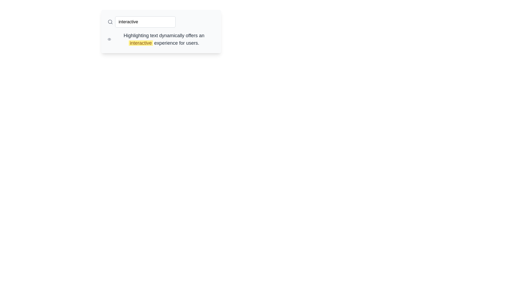  I want to click on the highlighted word 'interactive' within the sentence 'Highlighting text dynamically offers an interactive experience for users.' to select the text, so click(141, 43).